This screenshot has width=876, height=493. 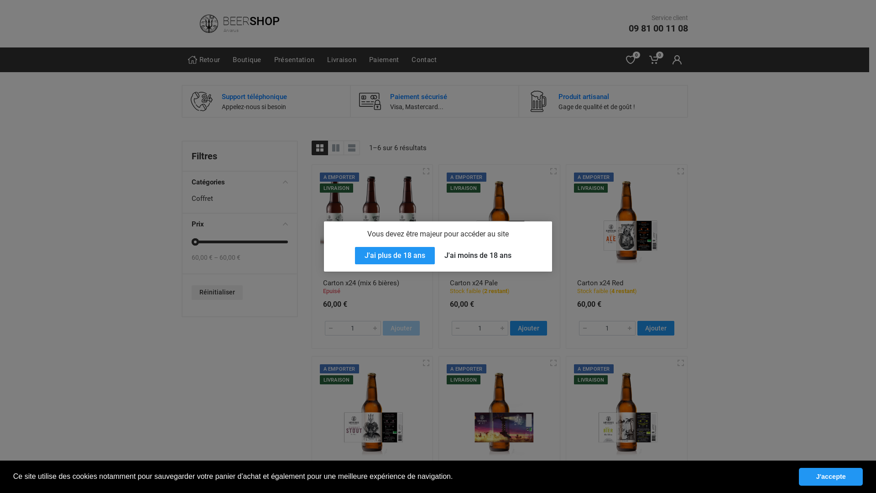 What do you see at coordinates (362, 60) in the screenshot?
I see `'Paiement'` at bounding box center [362, 60].